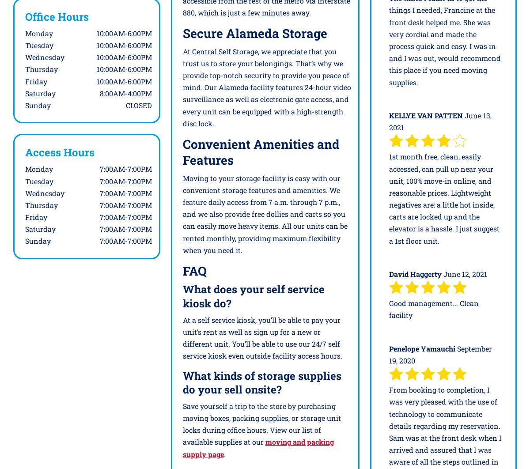  Describe the element at coordinates (415, 273) in the screenshot. I see `'David Haggerty'` at that location.